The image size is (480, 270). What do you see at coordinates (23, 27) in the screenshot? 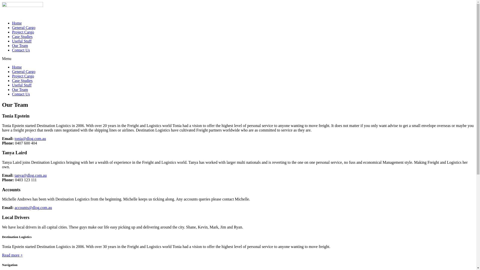
I see `'General Cargo'` at bounding box center [23, 27].